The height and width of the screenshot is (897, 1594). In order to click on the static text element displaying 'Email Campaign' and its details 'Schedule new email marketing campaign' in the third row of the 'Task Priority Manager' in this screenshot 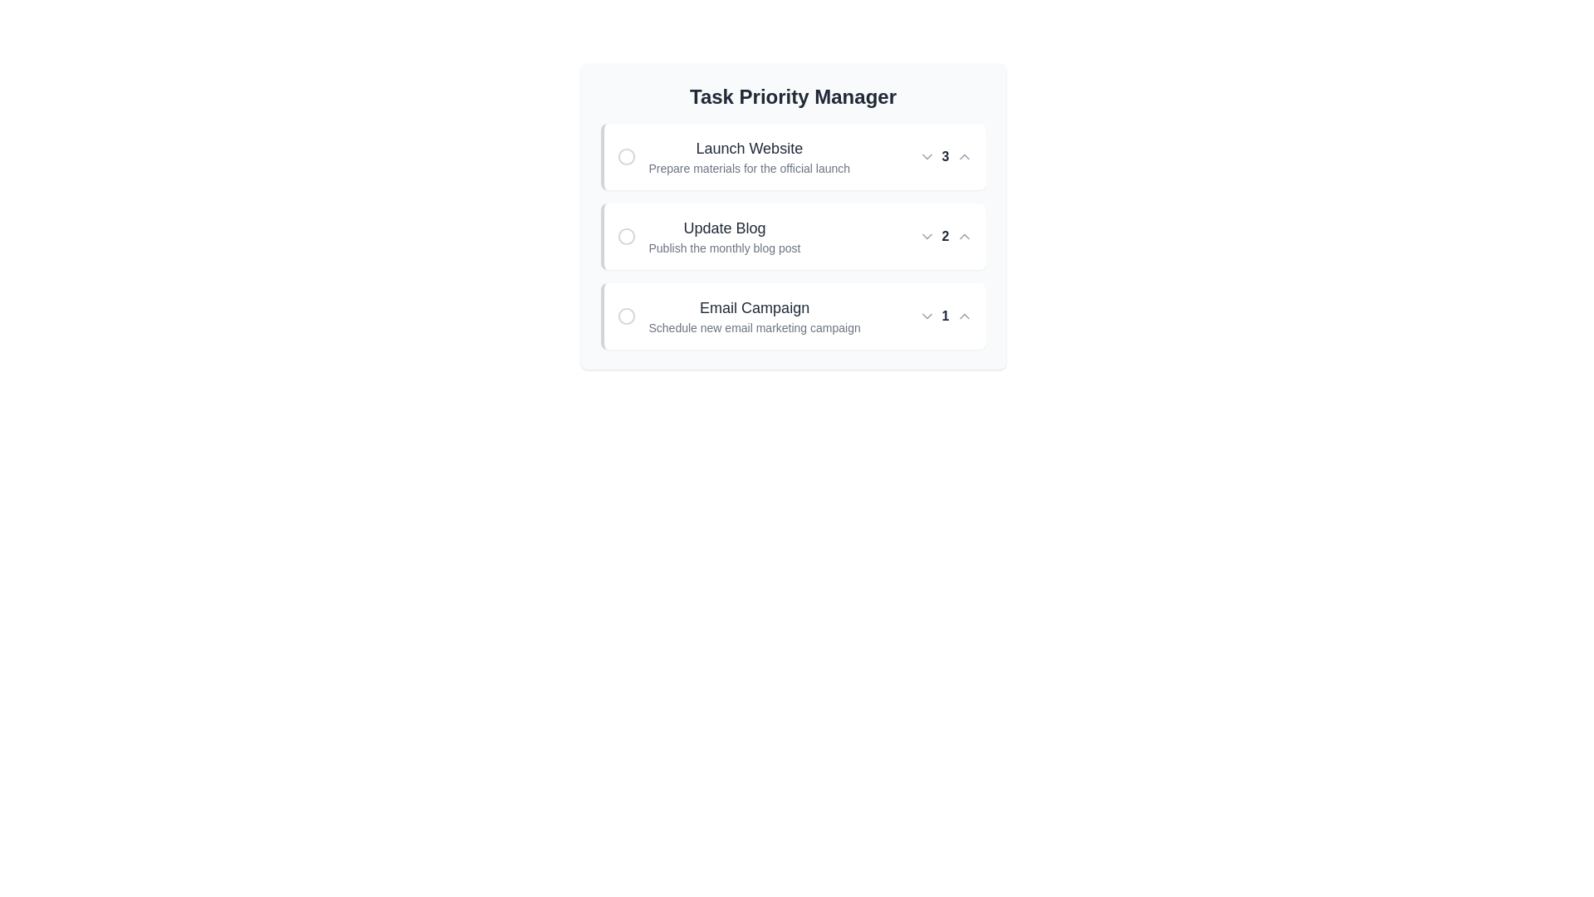, I will do `click(754, 316)`.